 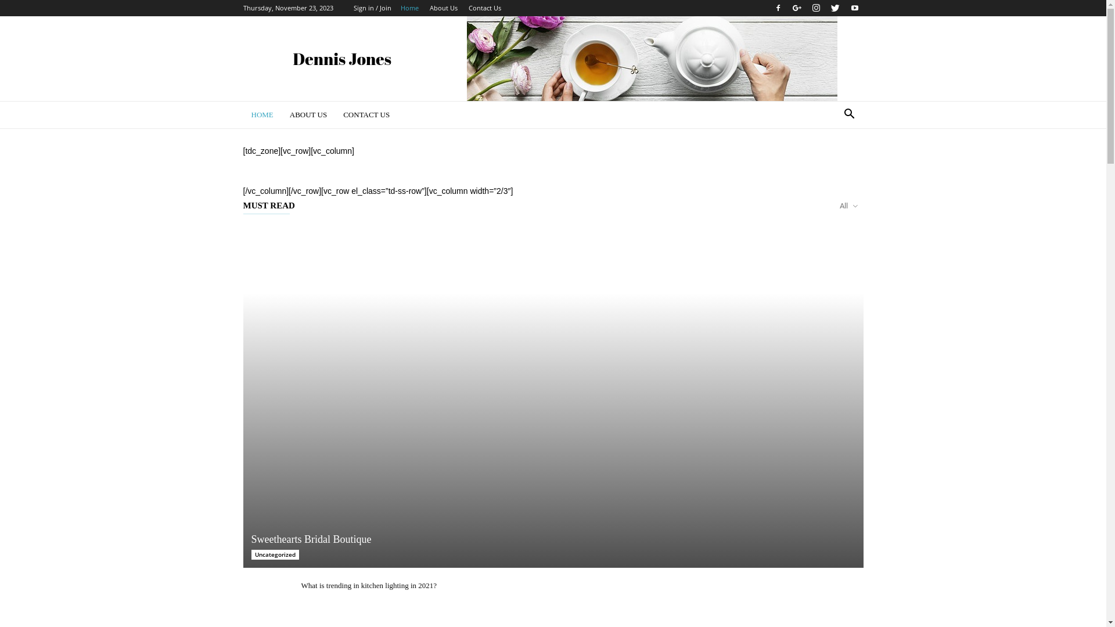 What do you see at coordinates (265, 597) in the screenshot?
I see `'What is trending in kitchen lighting in 2021?'` at bounding box center [265, 597].